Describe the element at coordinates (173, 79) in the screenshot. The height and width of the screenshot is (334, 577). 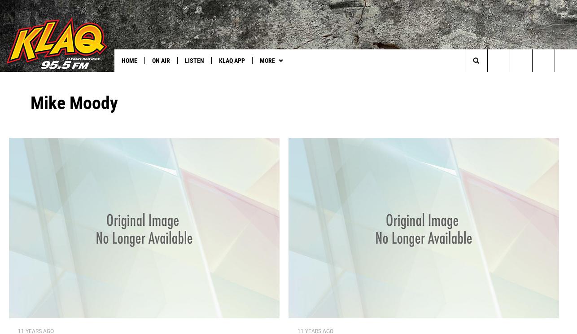
I see `'Dining Deals'` at that location.